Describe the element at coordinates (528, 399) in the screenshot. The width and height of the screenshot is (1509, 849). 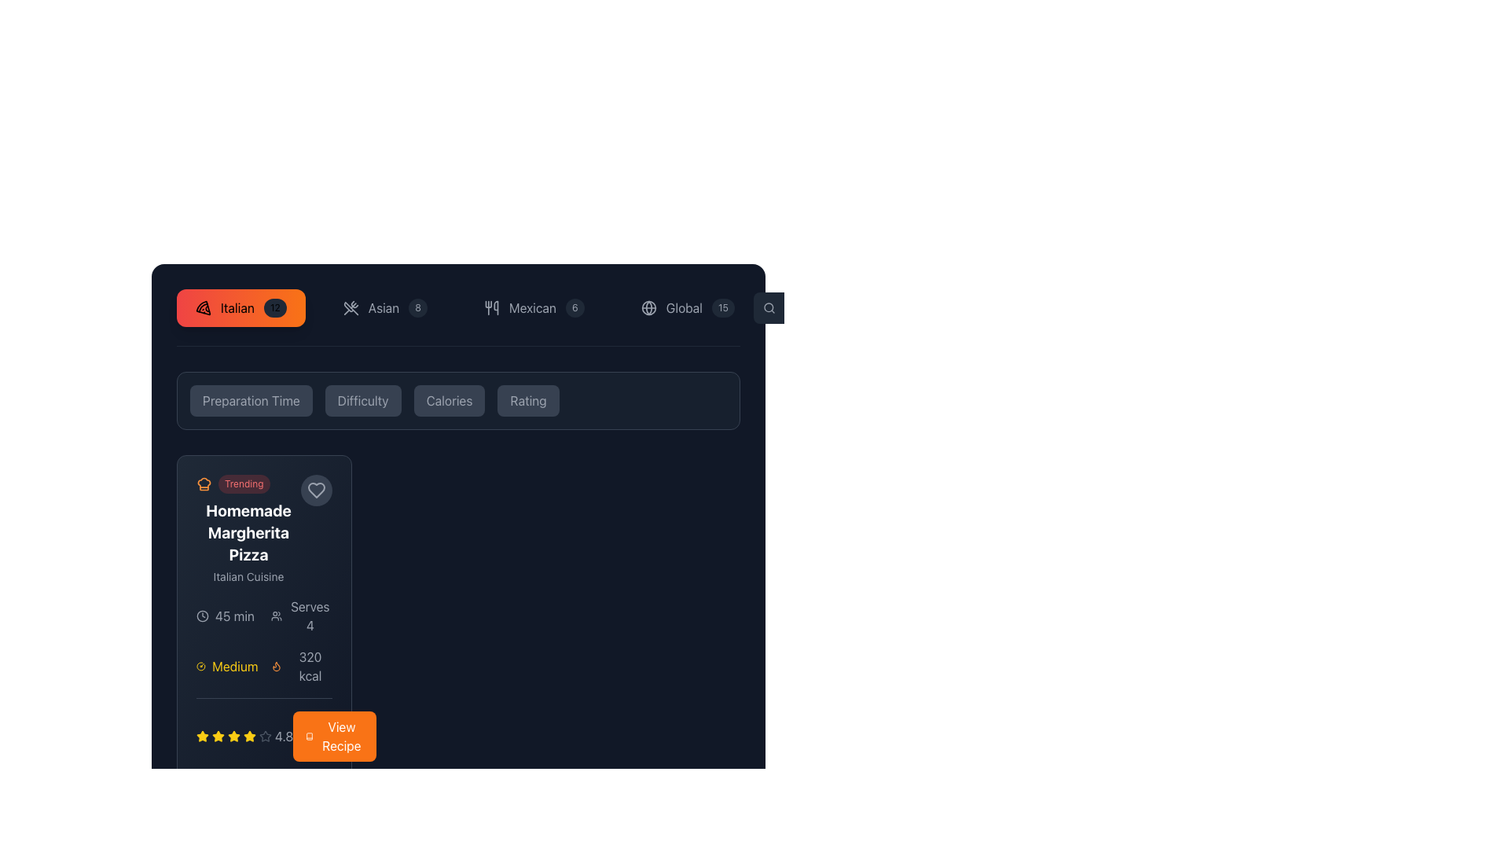
I see `the 'Rating' filter button, which is the fourth button in a horizontally aligned group of buttons labeled 'Preparation Time', 'Difficulty', 'Calories', and 'Rating', located just below the main navigation menu` at that location.